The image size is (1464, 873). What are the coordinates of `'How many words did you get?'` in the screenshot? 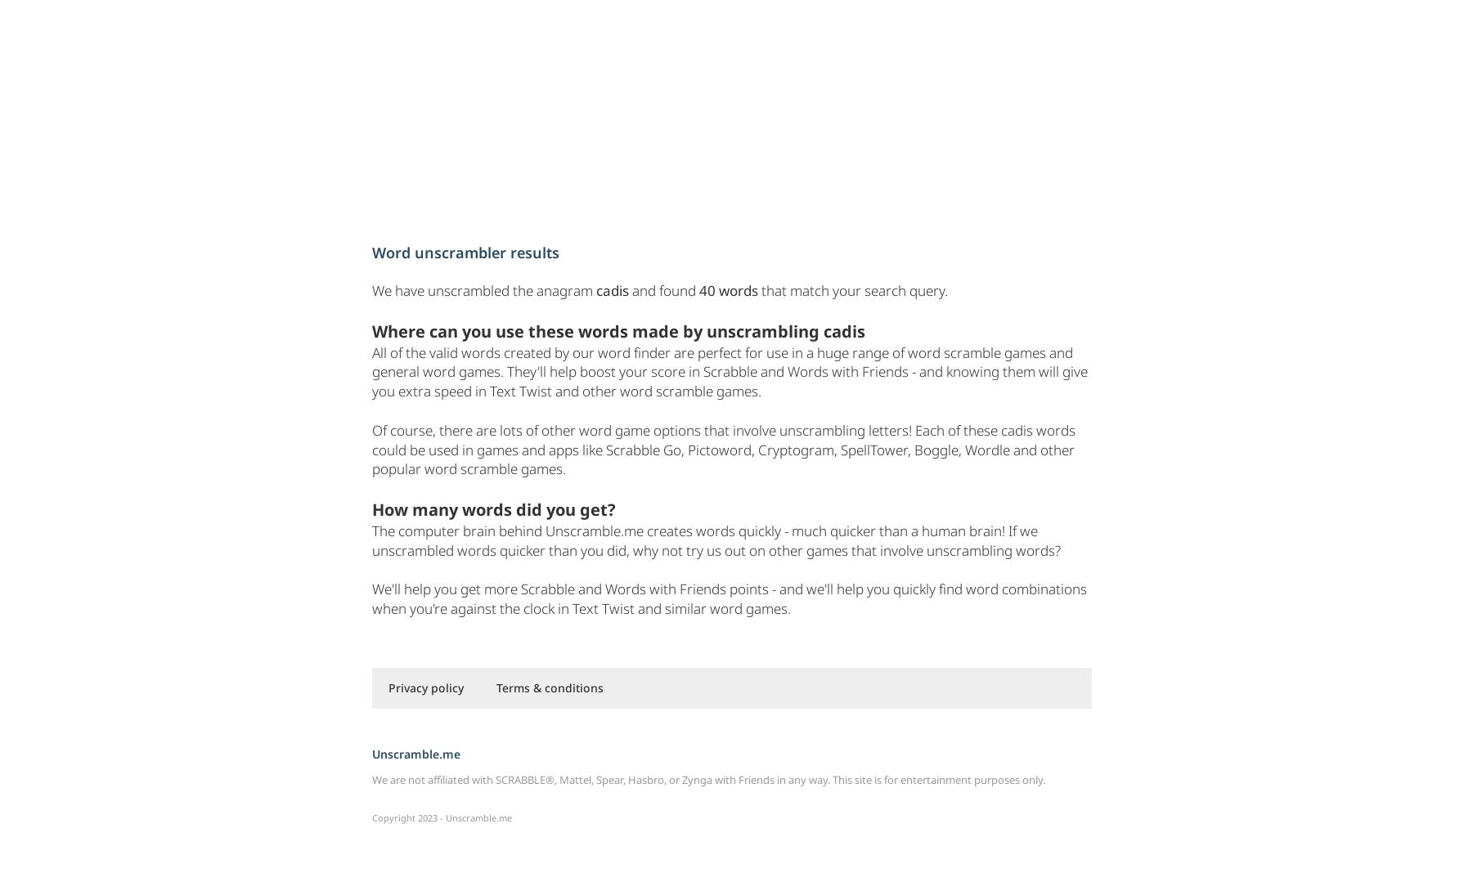 It's located at (492, 508).